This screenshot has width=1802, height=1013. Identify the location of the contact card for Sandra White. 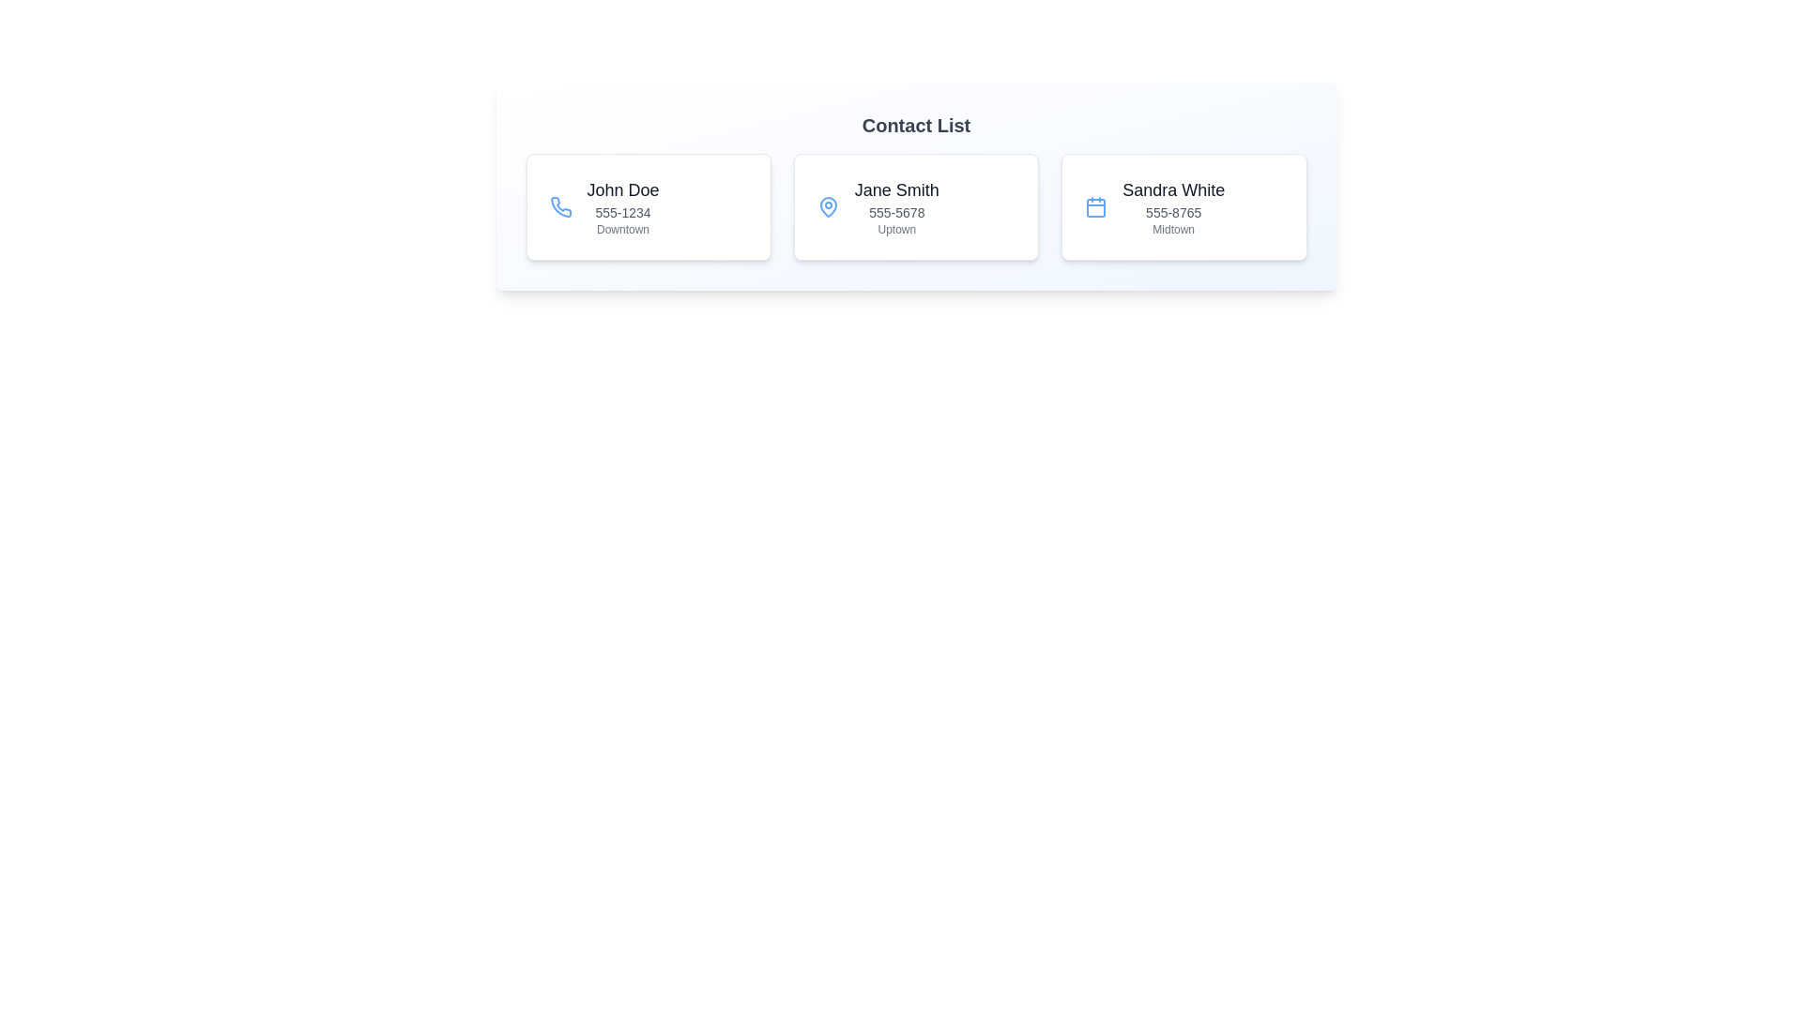
(1184, 206).